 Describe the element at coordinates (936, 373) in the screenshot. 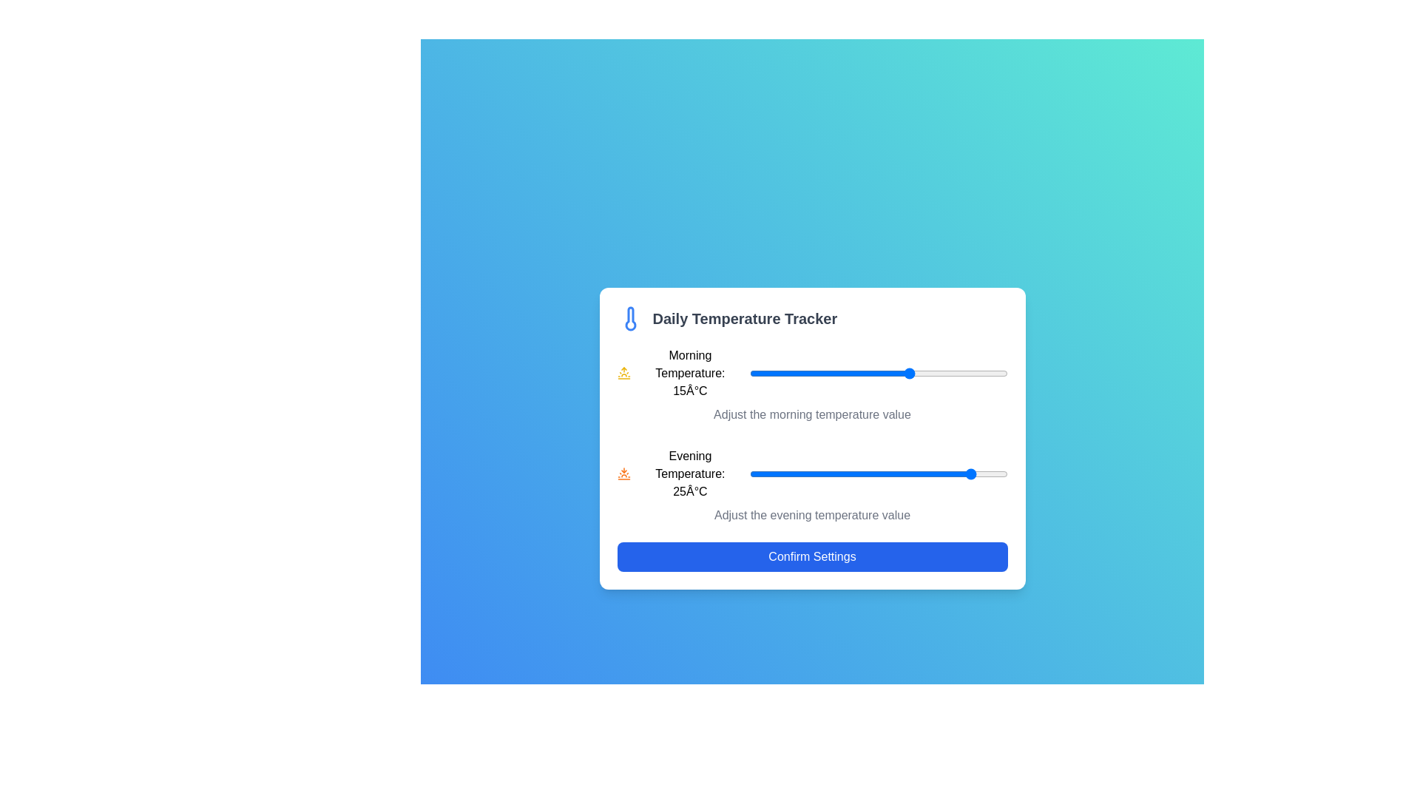

I see `the morning temperature slider to a value of 19` at that location.